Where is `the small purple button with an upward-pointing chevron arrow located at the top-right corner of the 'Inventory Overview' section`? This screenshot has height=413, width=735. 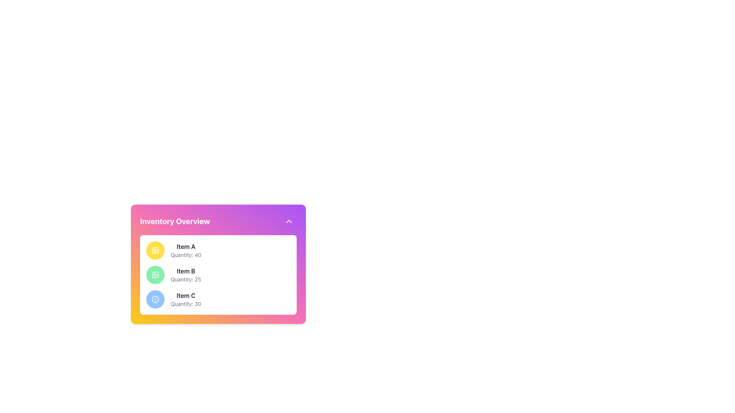 the small purple button with an upward-pointing chevron arrow located at the top-right corner of the 'Inventory Overview' section is located at coordinates (288, 221).